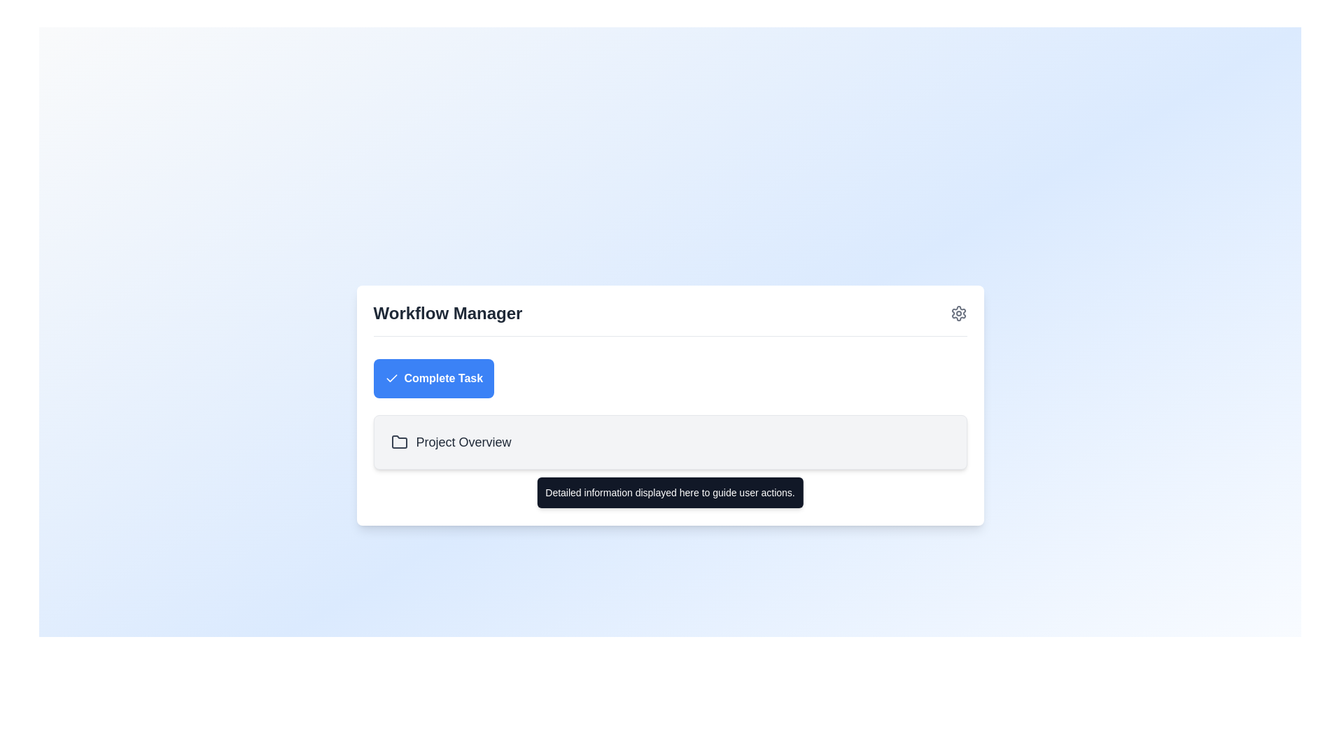 Image resolution: width=1344 pixels, height=756 pixels. What do you see at coordinates (398, 442) in the screenshot?
I see `the folder icon that visually represents a file or project category, which is located at the beginning of the row containing the text 'Project Overview'` at bounding box center [398, 442].